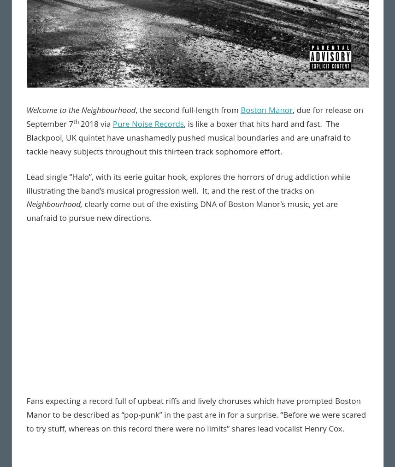 This screenshot has height=467, width=395. Describe the element at coordinates (77, 120) in the screenshot. I see `'th'` at that location.